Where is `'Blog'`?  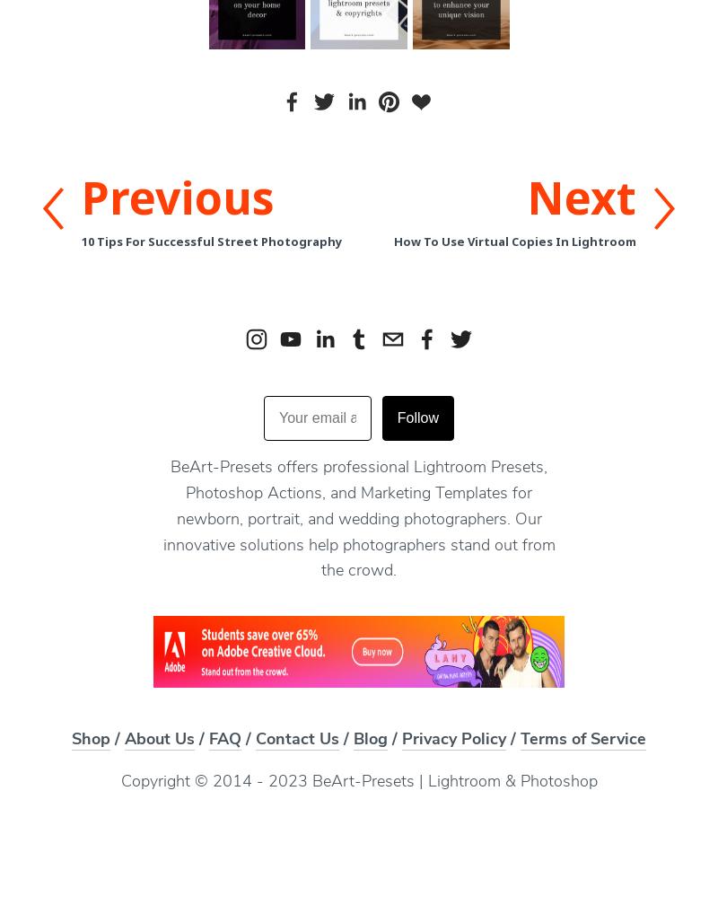
'Blog' is located at coordinates (353, 740).